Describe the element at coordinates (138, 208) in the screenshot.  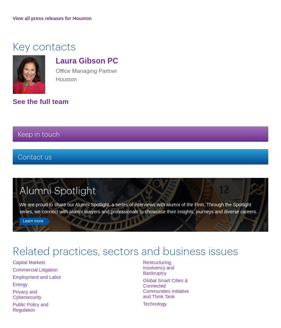
I see `'We are proud to share our Alumni Spotlight, a series of interviews with alumni of the Firm. Through the Spotlight series, we connect with alumni lawyers and professionals to showcase their insights, journeys and diverse careers.'` at that location.